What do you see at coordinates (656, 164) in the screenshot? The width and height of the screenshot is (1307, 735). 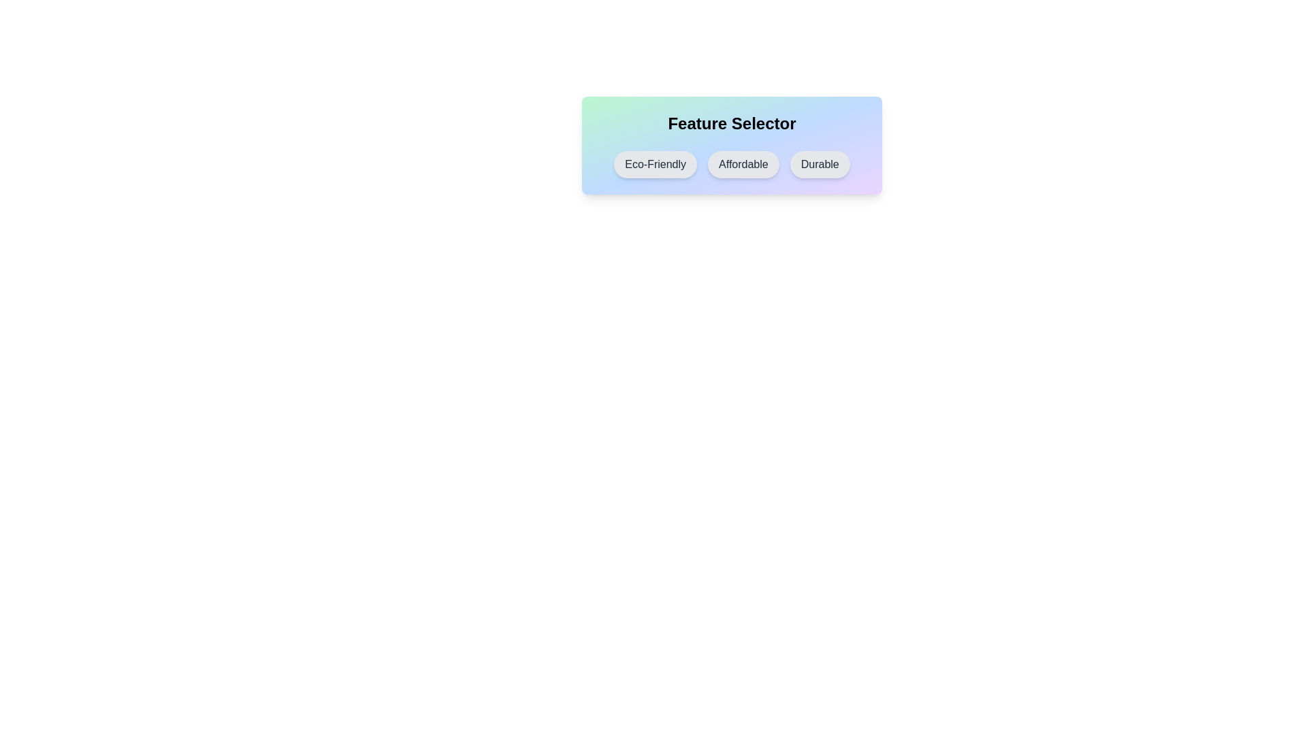 I see `the chip labeled Eco-Friendly` at bounding box center [656, 164].